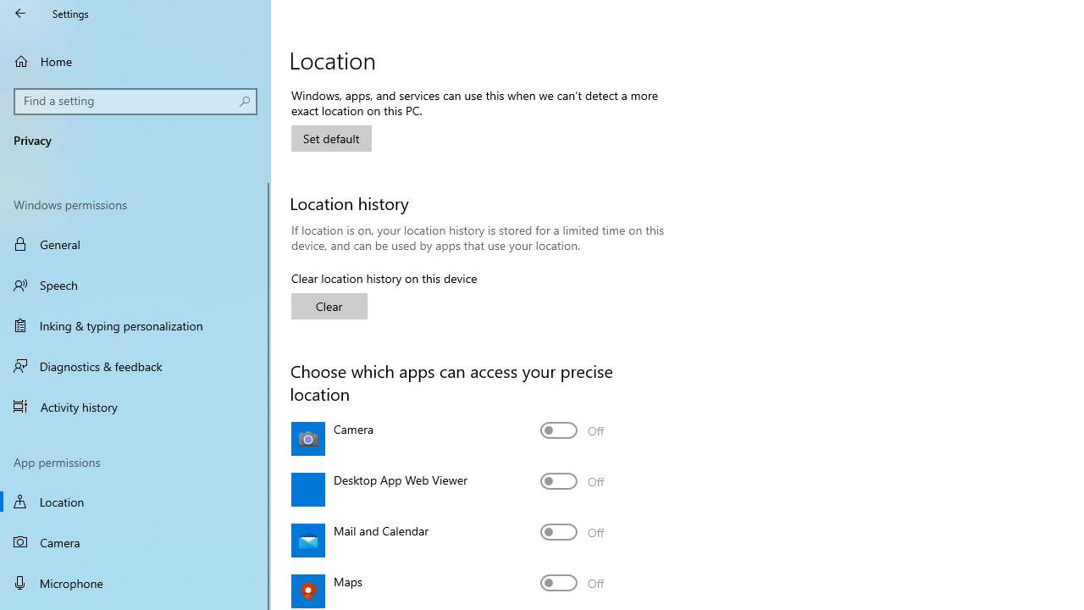 The width and height of the screenshot is (1084, 610). What do you see at coordinates (135, 101) in the screenshot?
I see `'Search box, Find a setting'` at bounding box center [135, 101].